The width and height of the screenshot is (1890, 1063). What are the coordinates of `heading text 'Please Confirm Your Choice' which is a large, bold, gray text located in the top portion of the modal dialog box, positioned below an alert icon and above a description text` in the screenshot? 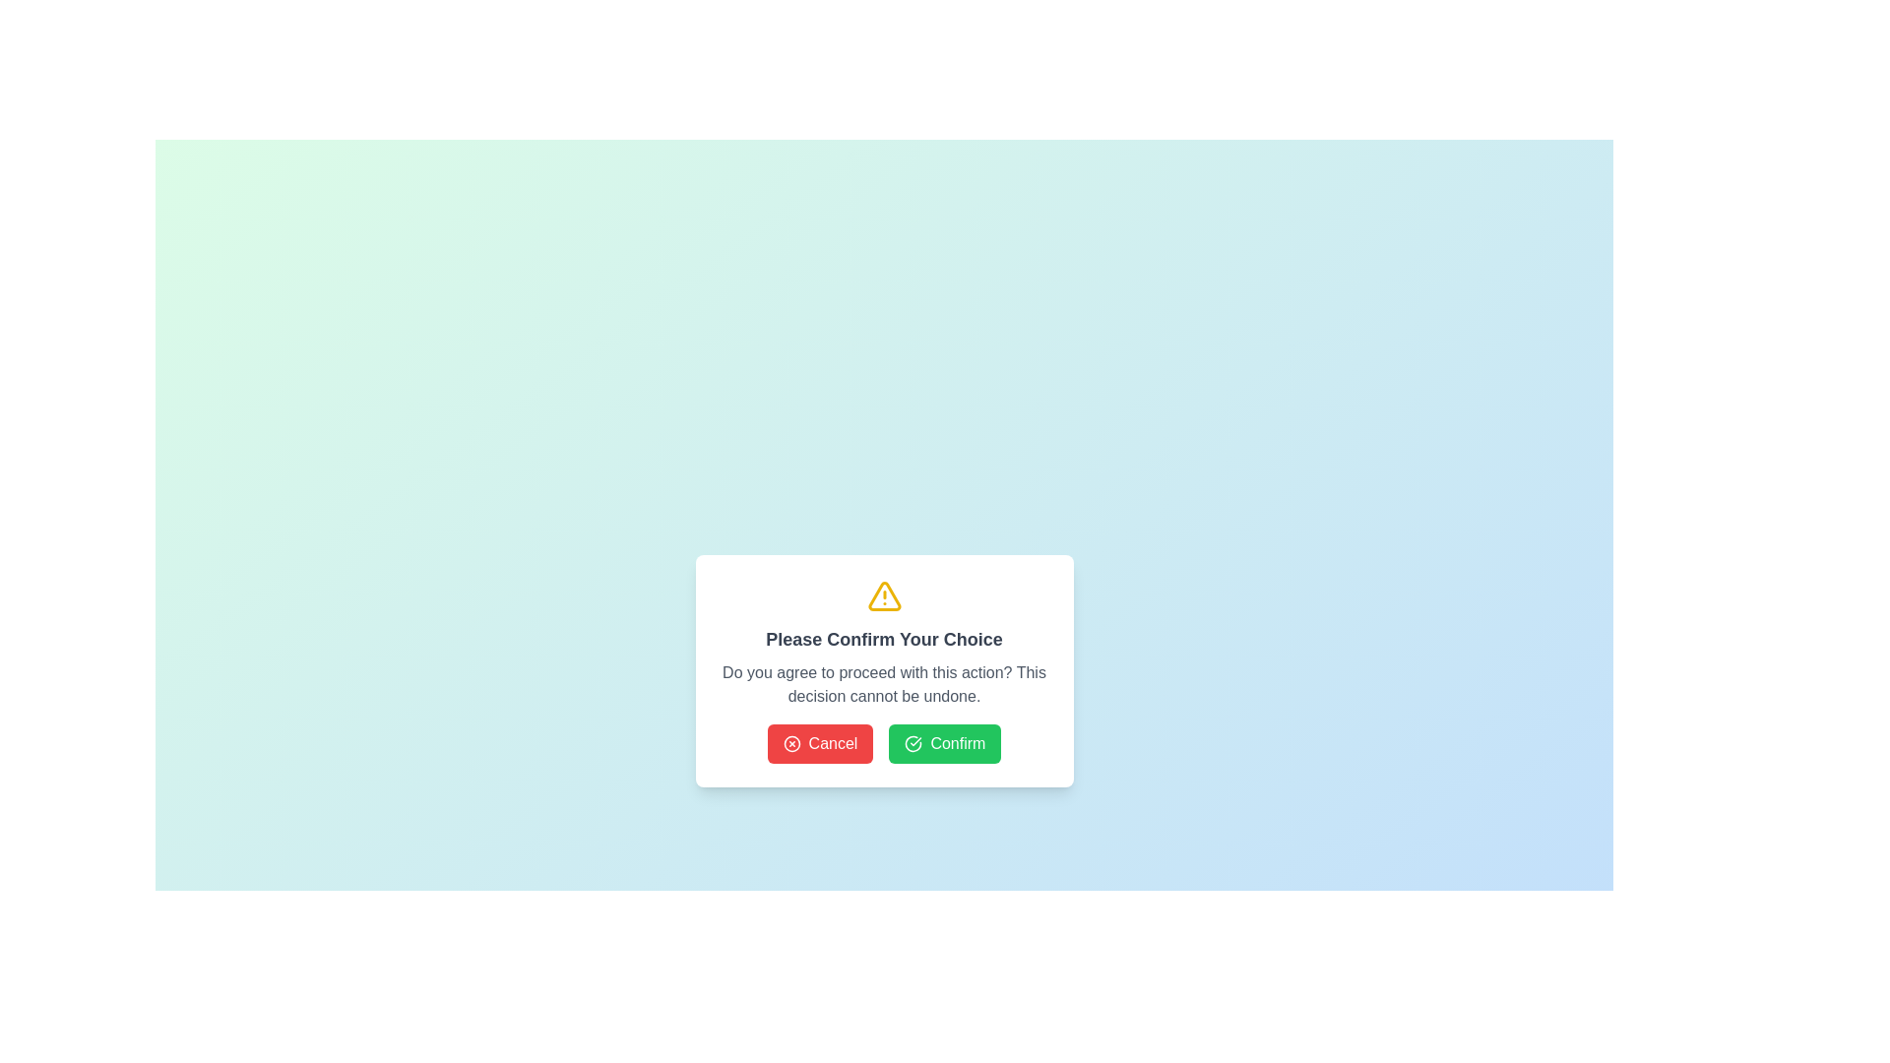 It's located at (883, 640).